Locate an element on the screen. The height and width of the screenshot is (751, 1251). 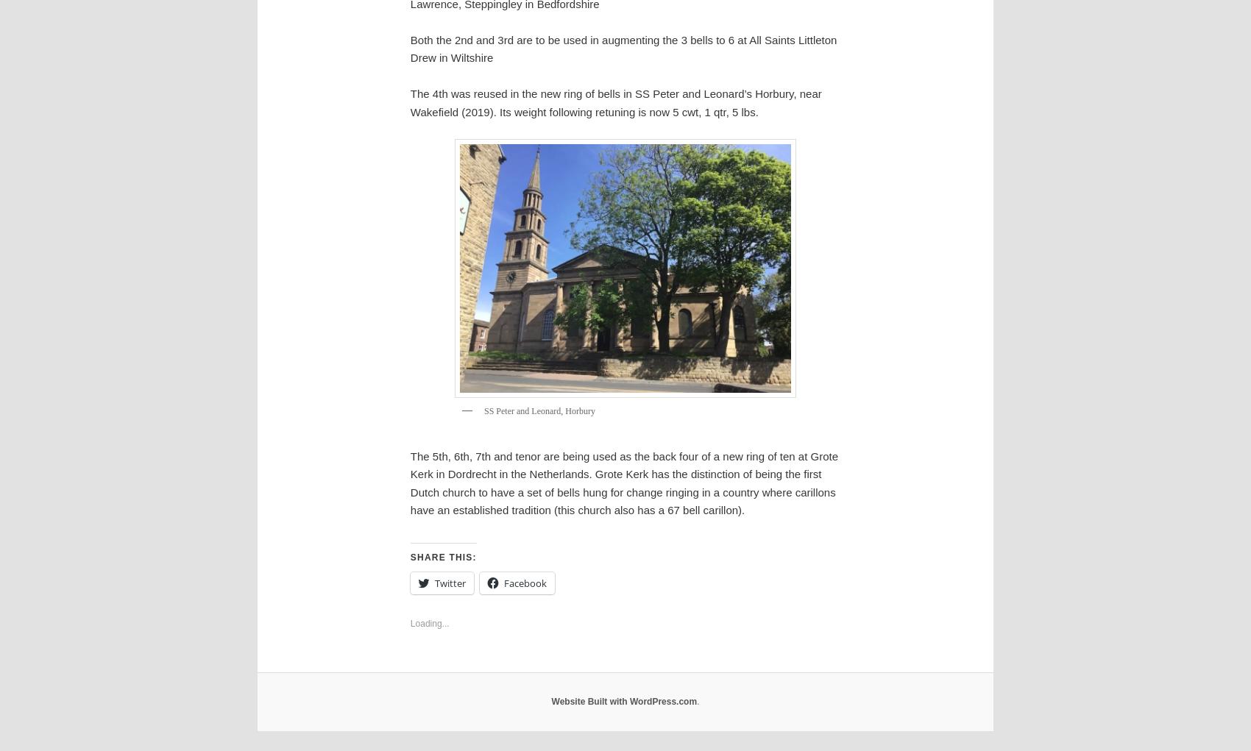
'.' is located at coordinates (698, 701).